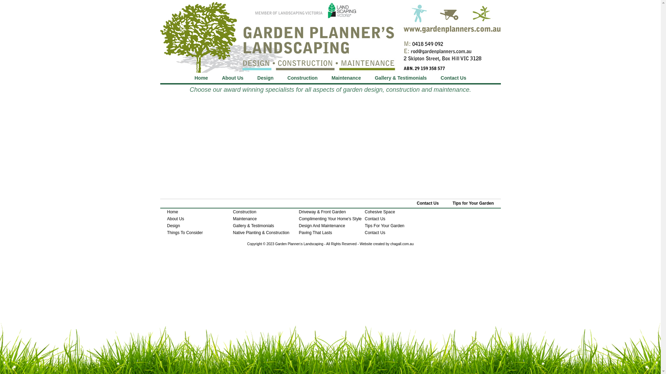 The height and width of the screenshot is (374, 666). What do you see at coordinates (384, 225) in the screenshot?
I see `'Tips For Your Garden'` at bounding box center [384, 225].